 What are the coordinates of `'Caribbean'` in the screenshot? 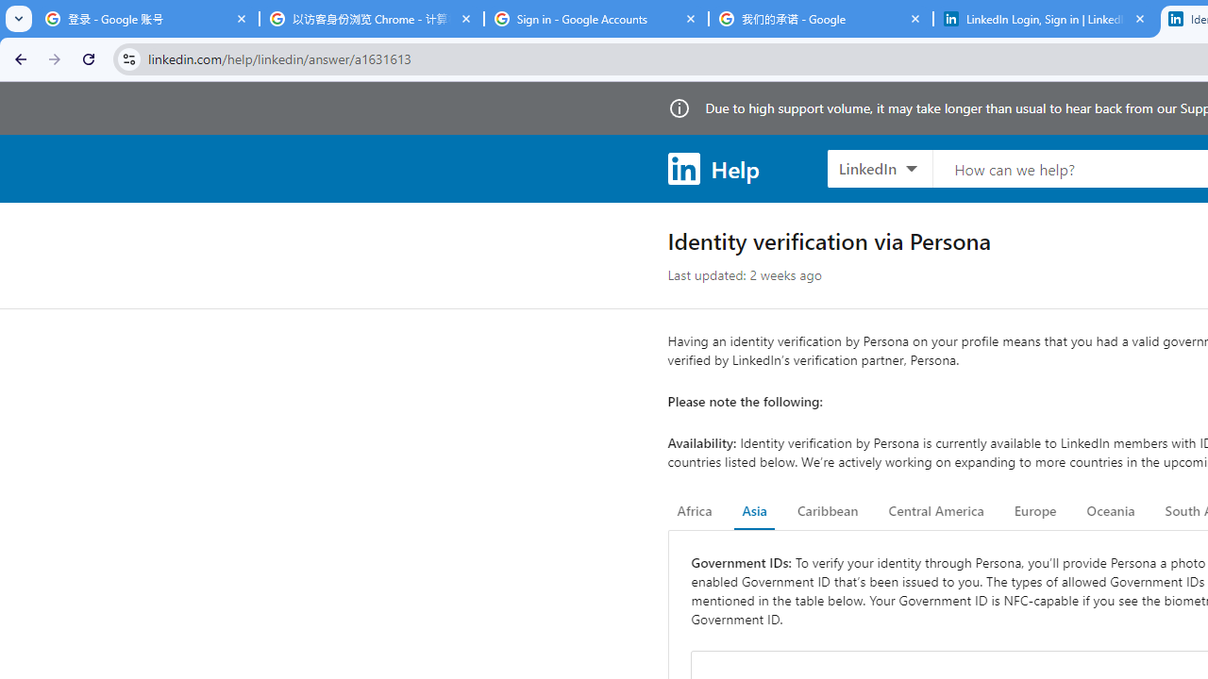 It's located at (827, 511).